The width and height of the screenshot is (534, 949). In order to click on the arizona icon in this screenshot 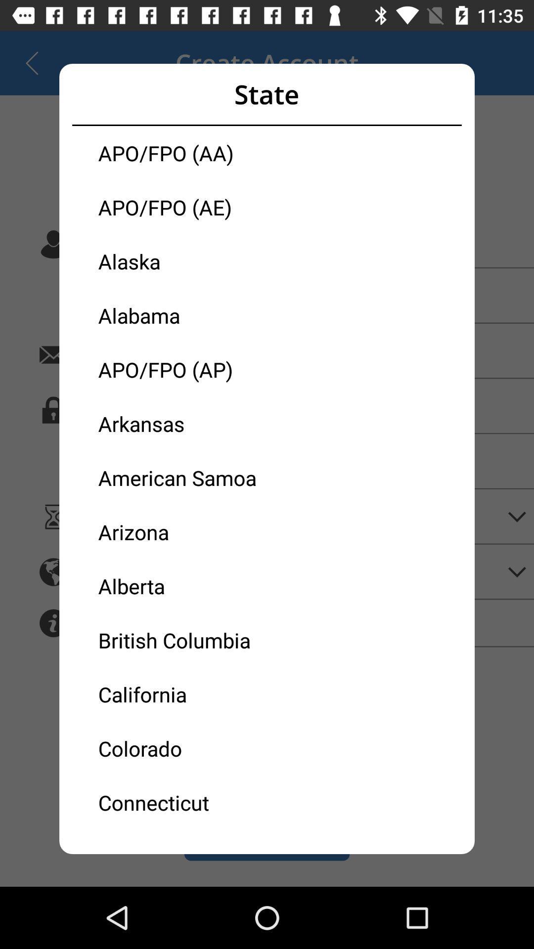, I will do `click(182, 531)`.